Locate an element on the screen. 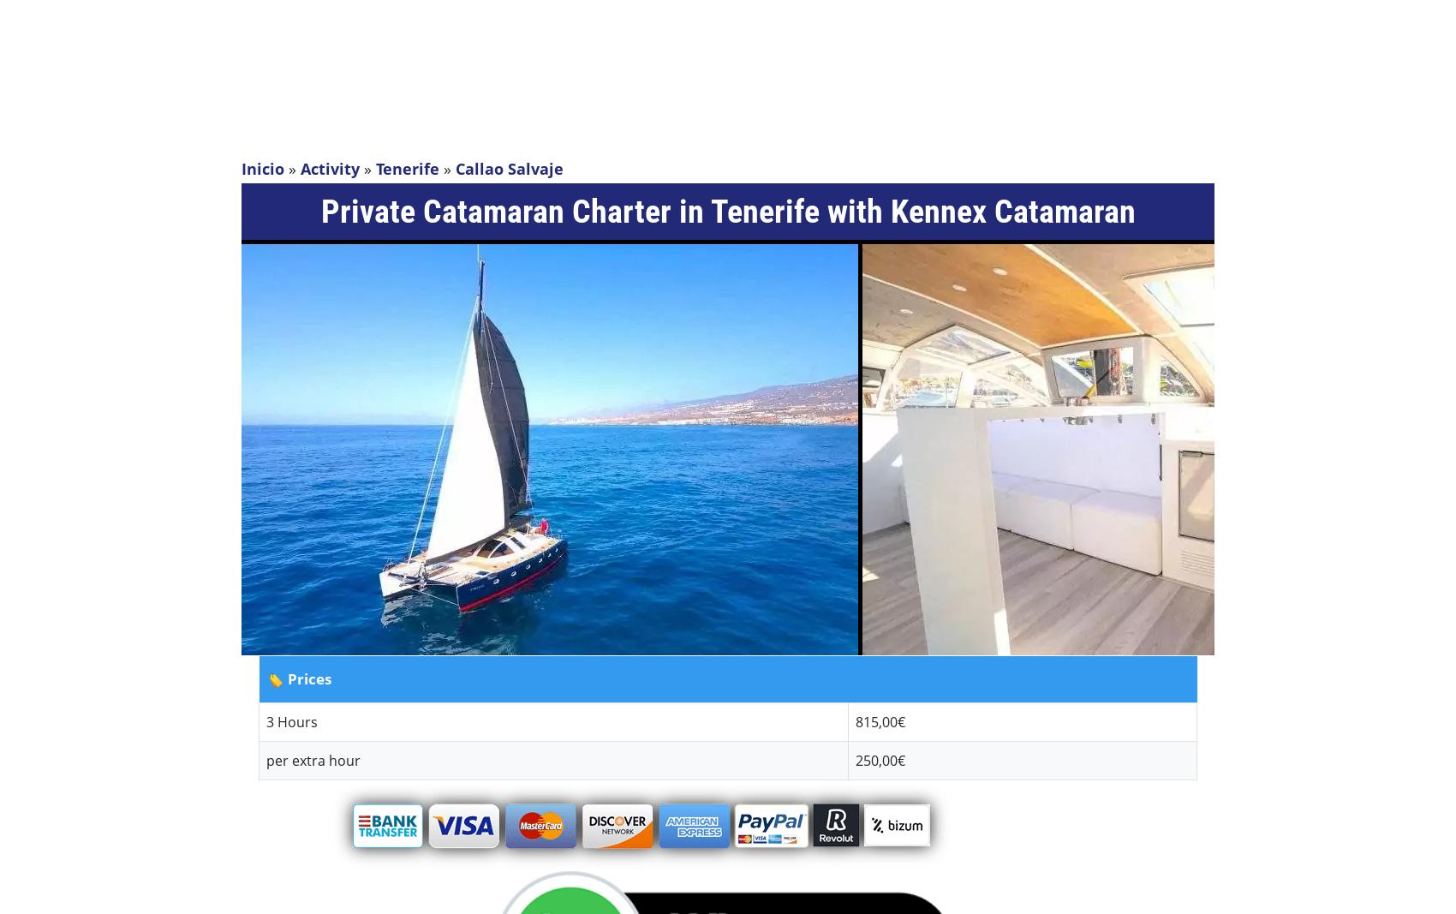  'Contact' is located at coordinates (882, 122).